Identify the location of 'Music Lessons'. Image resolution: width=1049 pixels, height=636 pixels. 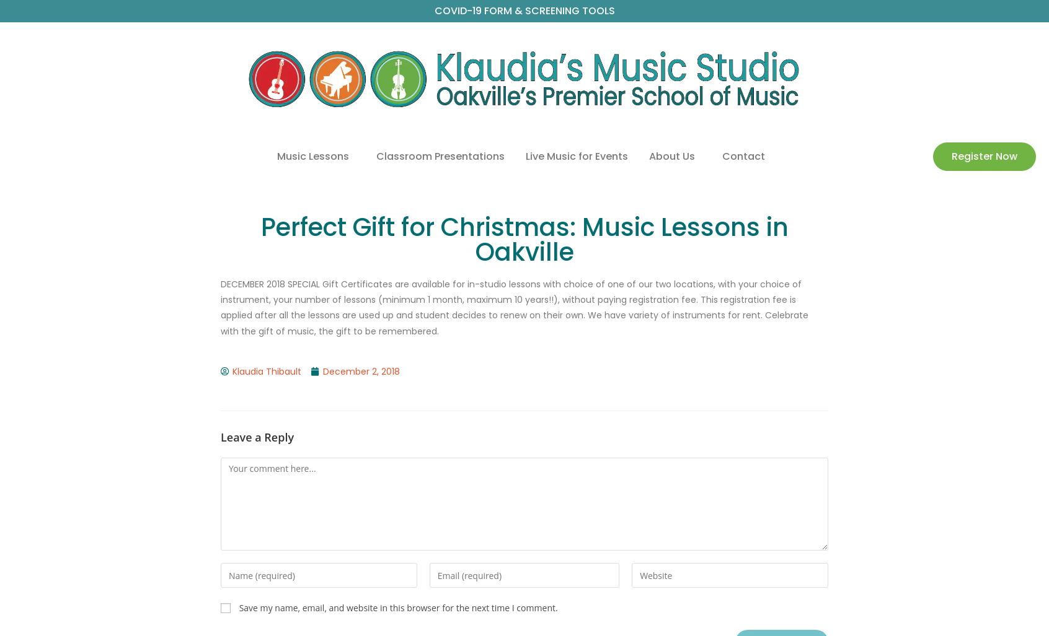
(276, 156).